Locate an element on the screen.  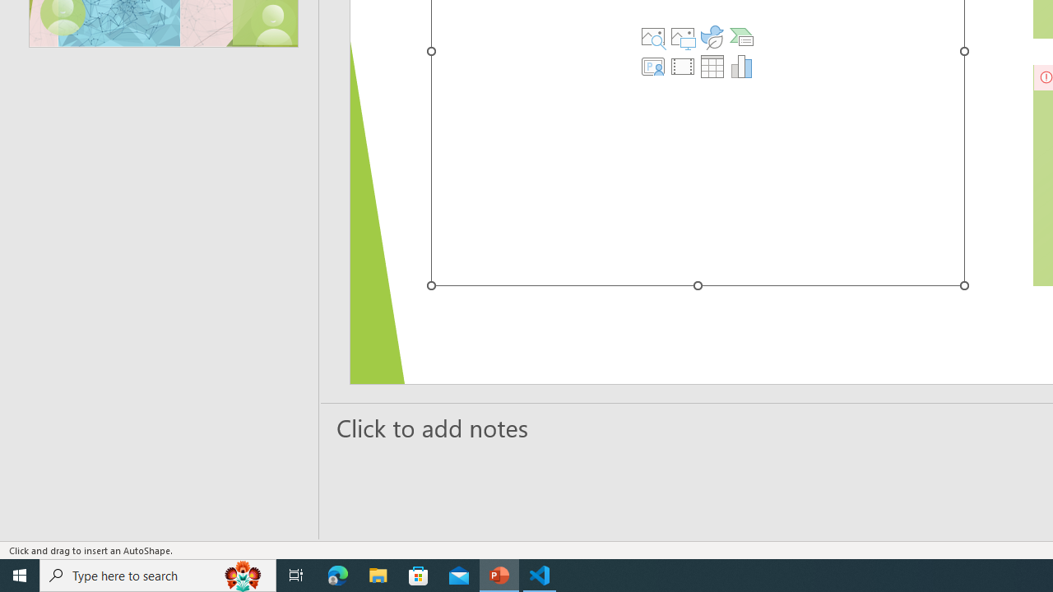
'Insert Table' is located at coordinates (712, 66).